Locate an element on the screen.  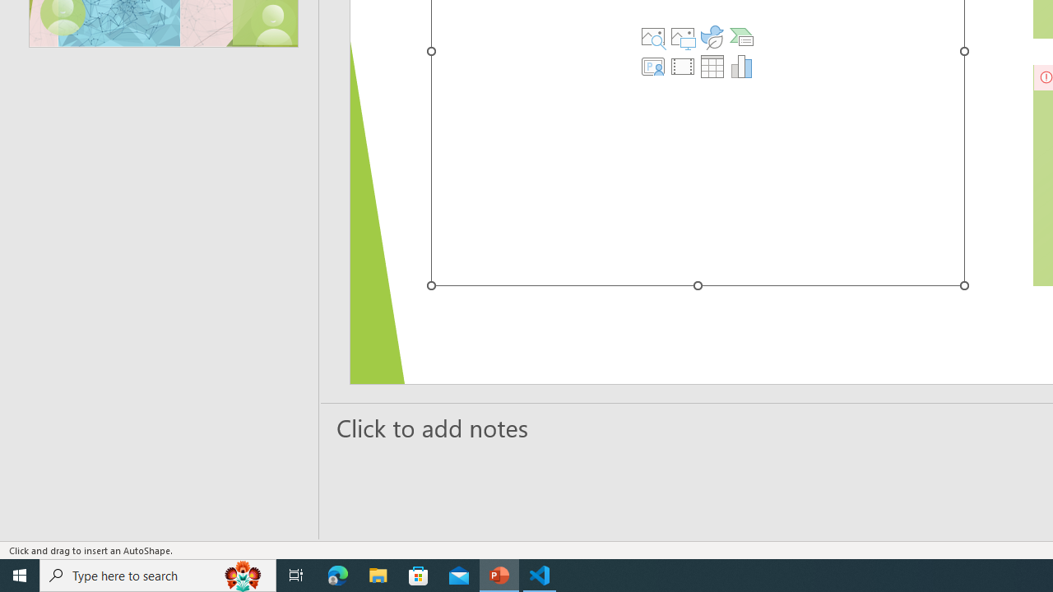
'Insert Table' is located at coordinates (712, 66).